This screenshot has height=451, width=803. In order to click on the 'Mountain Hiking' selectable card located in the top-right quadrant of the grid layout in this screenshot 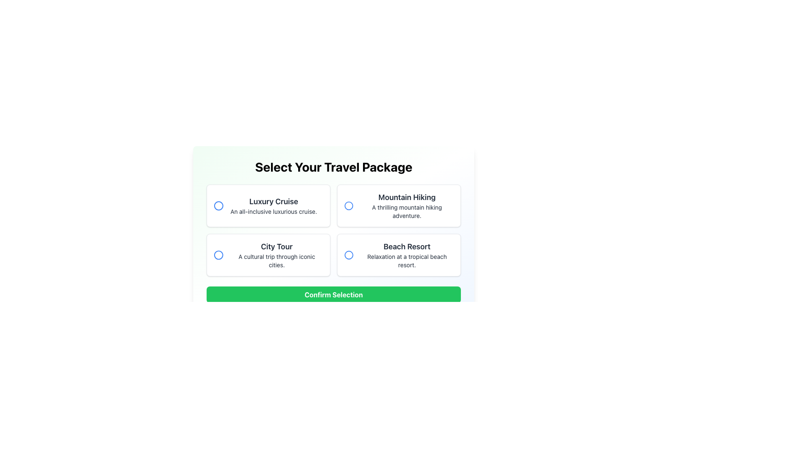, I will do `click(399, 206)`.